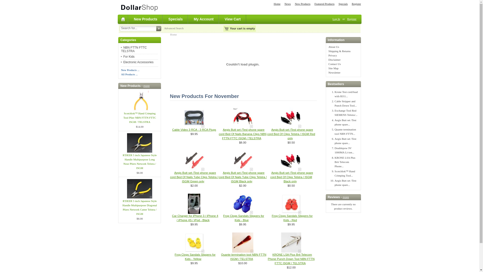 The image size is (483, 272). What do you see at coordinates (333, 68) in the screenshot?
I see `'Site Map'` at bounding box center [333, 68].